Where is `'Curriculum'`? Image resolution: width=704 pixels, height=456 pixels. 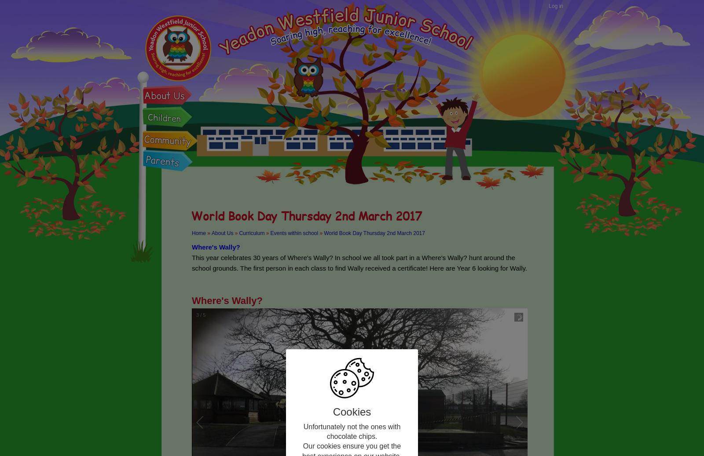
'Curriculum' is located at coordinates (238, 232).